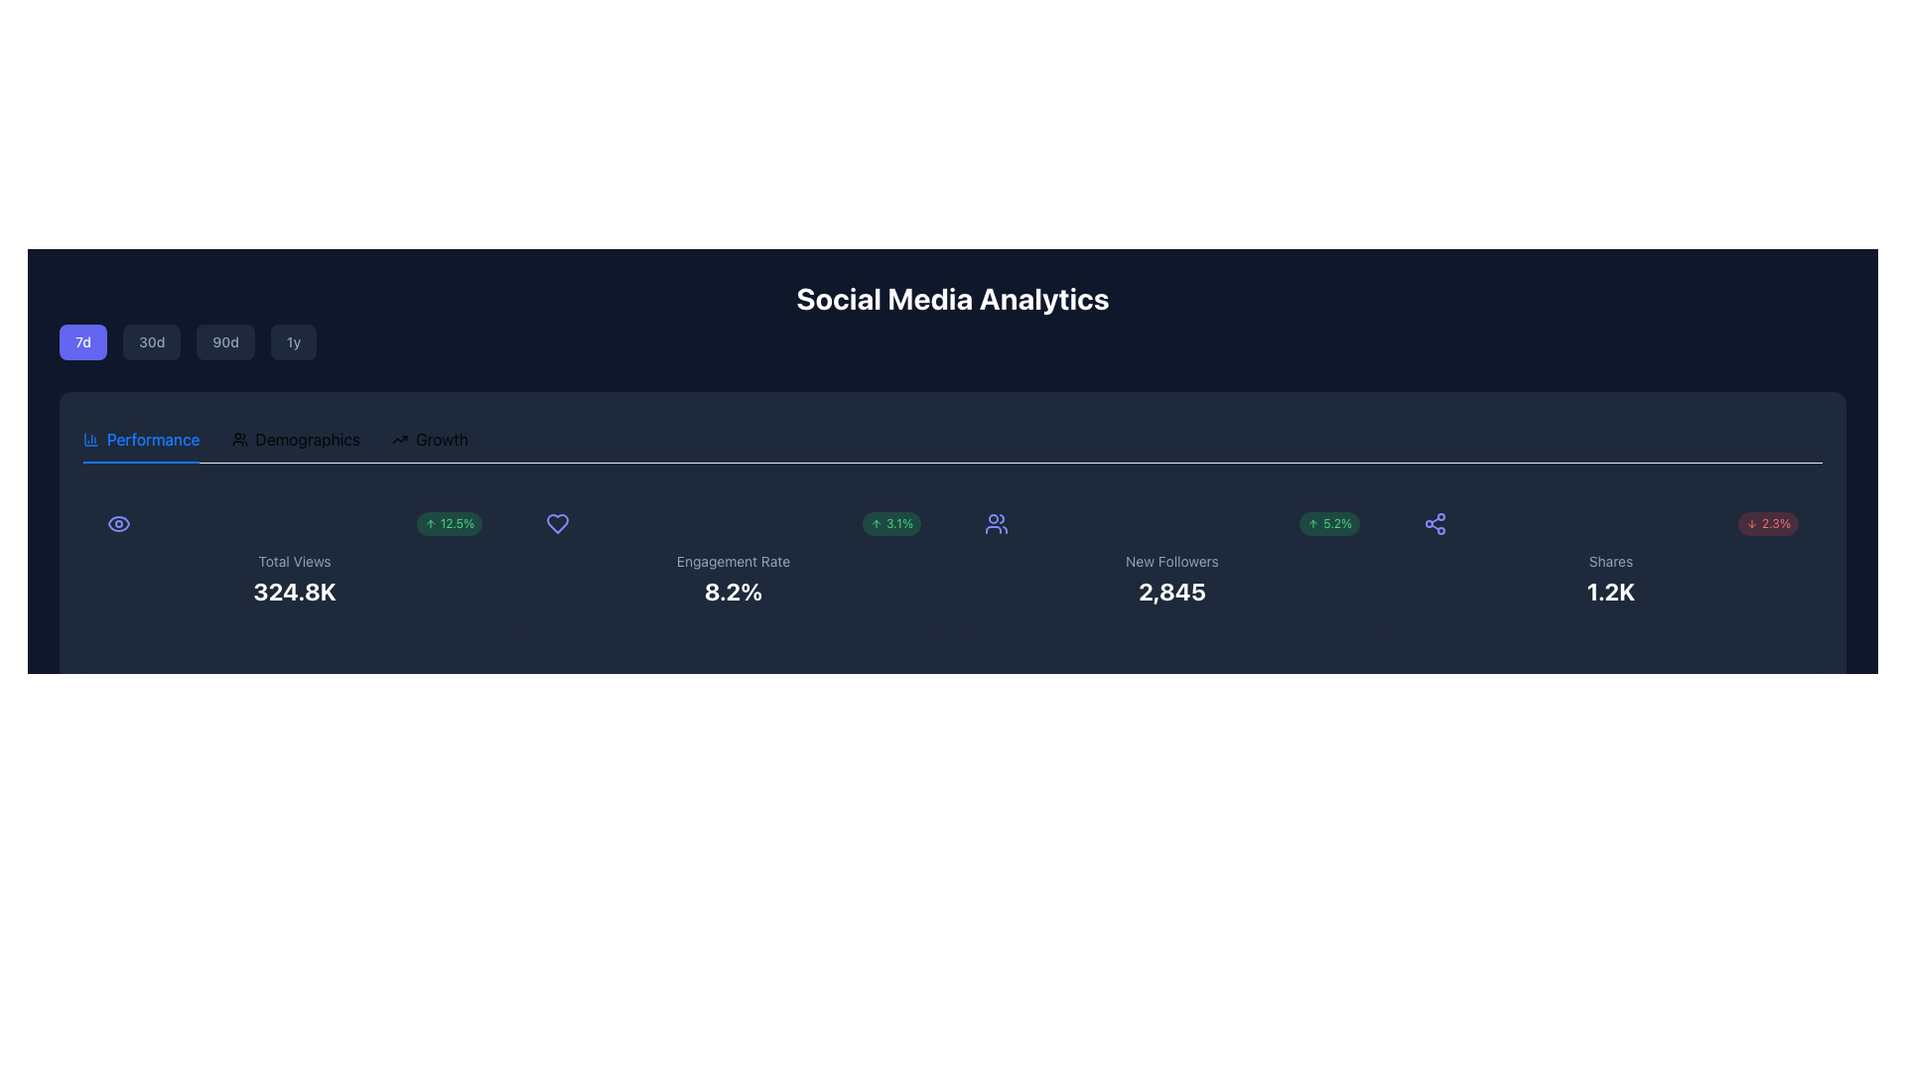  What do you see at coordinates (118, 523) in the screenshot?
I see `the eye icon in the performance section of the dashboard` at bounding box center [118, 523].